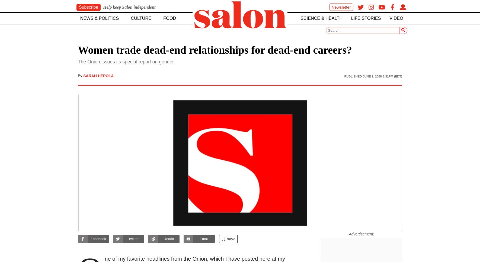  Describe the element at coordinates (366, 18) in the screenshot. I see `'Life Stories'` at that location.